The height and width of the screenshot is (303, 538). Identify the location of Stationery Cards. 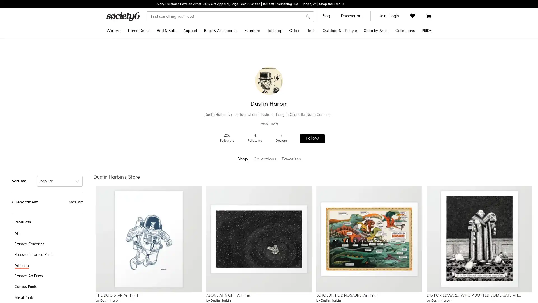
(309, 117).